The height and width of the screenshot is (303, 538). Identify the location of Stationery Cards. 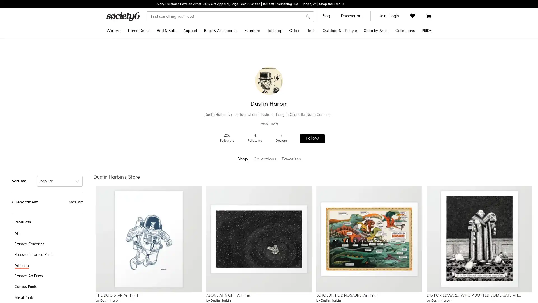
(309, 117).